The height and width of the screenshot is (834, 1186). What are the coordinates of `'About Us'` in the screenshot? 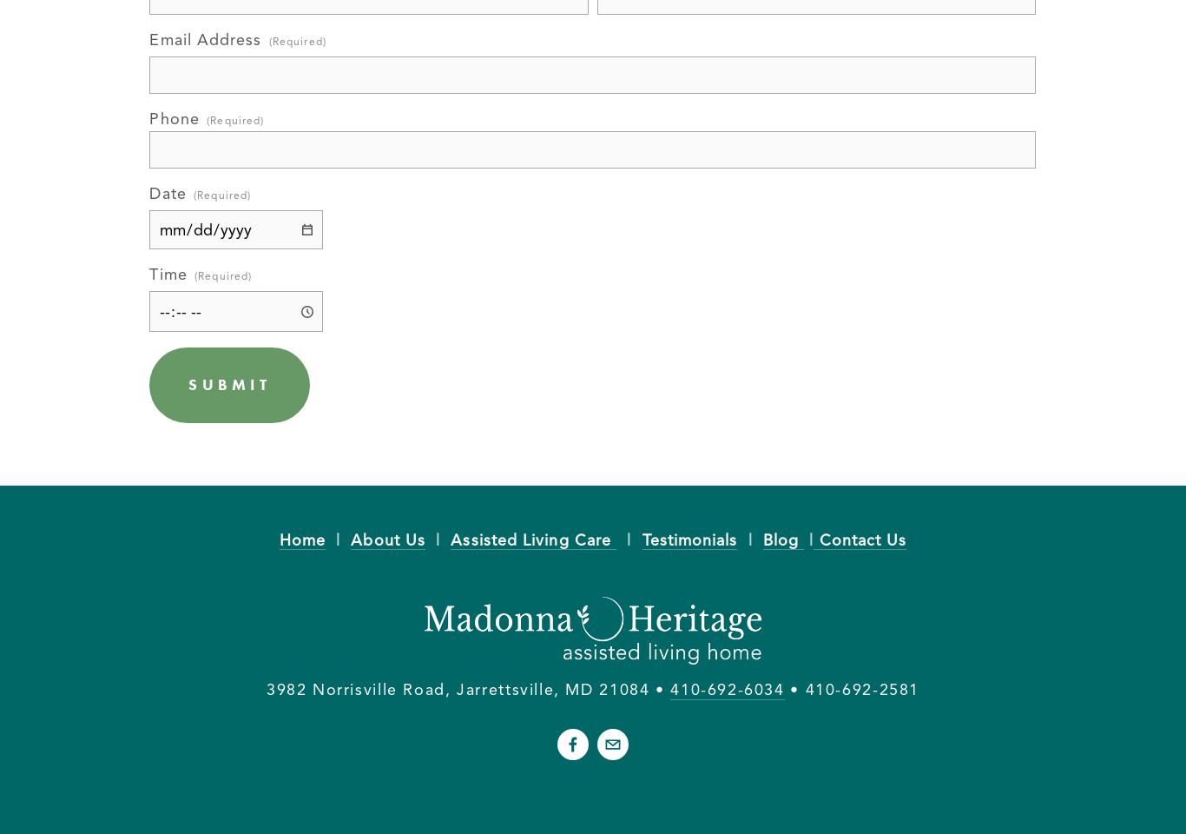 It's located at (386, 538).